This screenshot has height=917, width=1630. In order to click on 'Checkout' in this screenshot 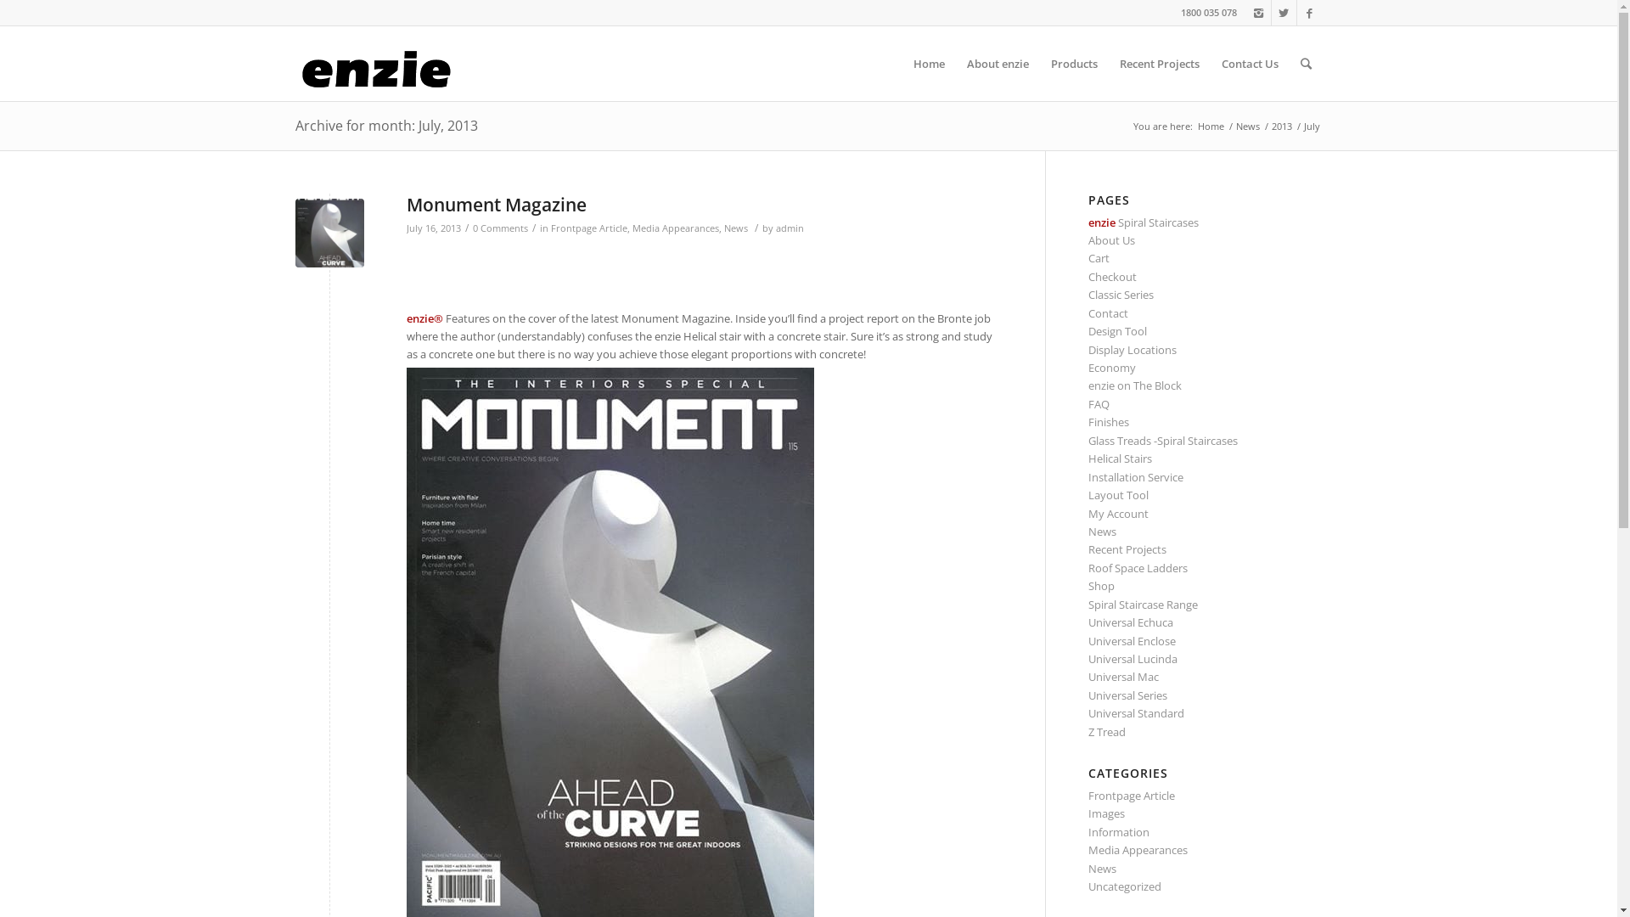, I will do `click(1112, 276)`.